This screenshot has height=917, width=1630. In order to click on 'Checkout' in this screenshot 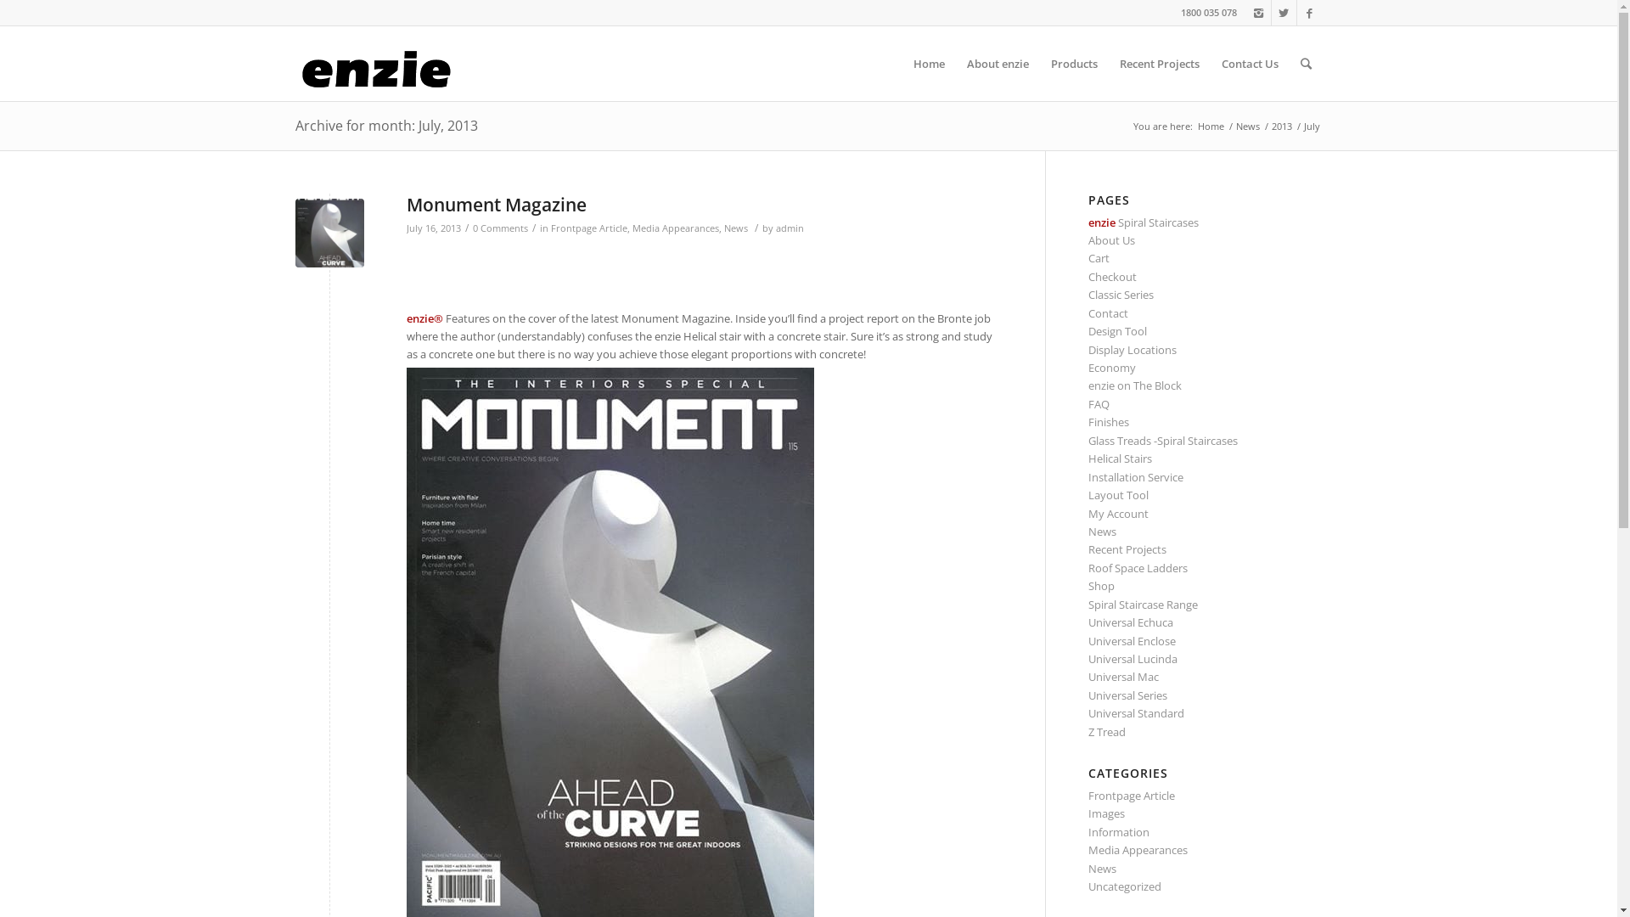, I will do `click(1112, 276)`.